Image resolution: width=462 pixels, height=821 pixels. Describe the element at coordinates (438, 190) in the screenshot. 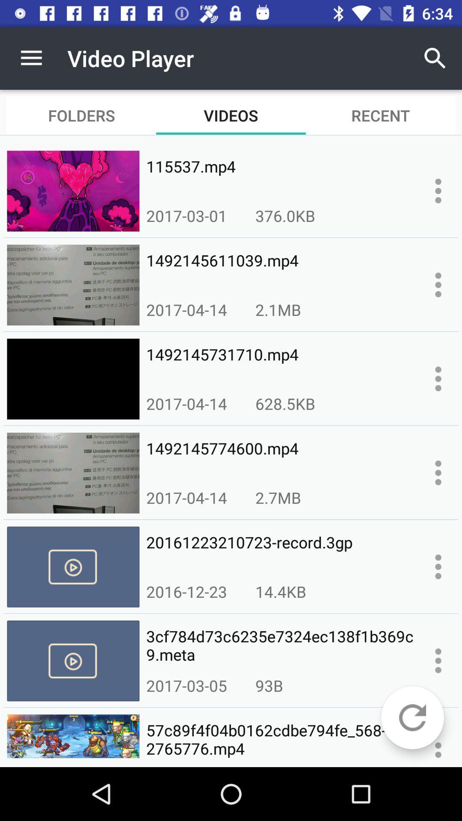

I see `options` at that location.